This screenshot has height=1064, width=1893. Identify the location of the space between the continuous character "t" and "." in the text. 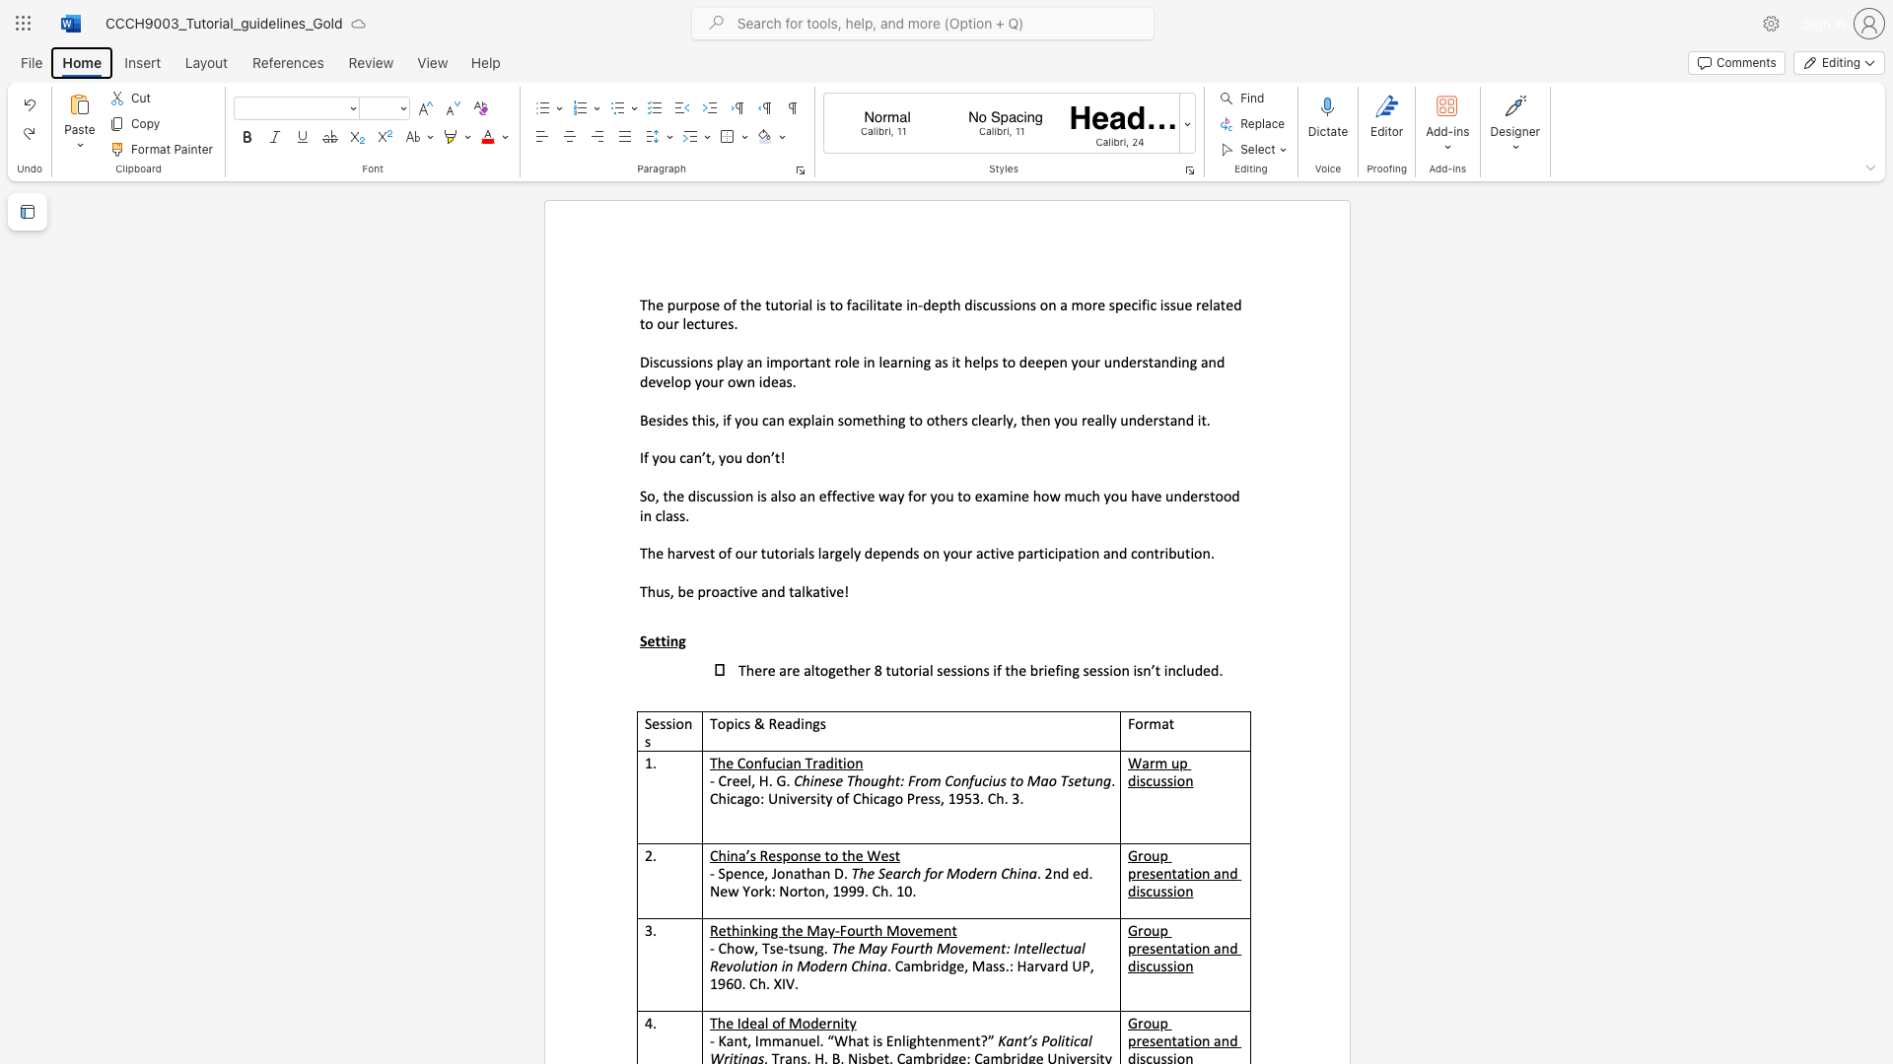
(1205, 419).